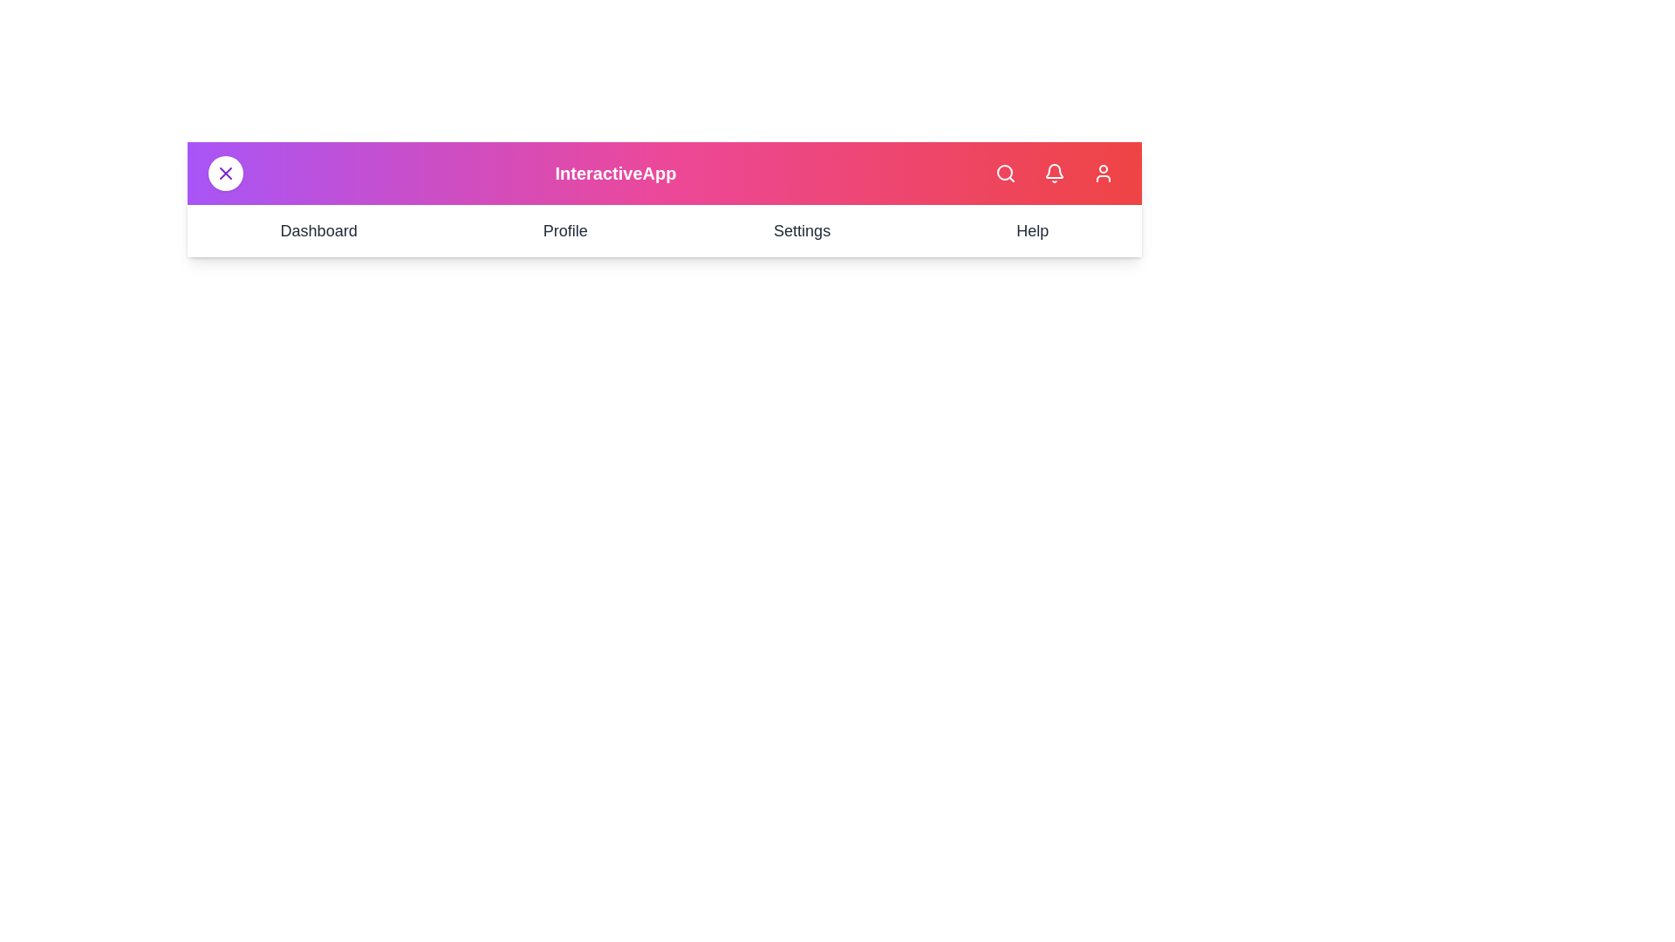 The height and width of the screenshot is (942, 1675). What do you see at coordinates (1031, 230) in the screenshot?
I see `the Help navigation item` at bounding box center [1031, 230].